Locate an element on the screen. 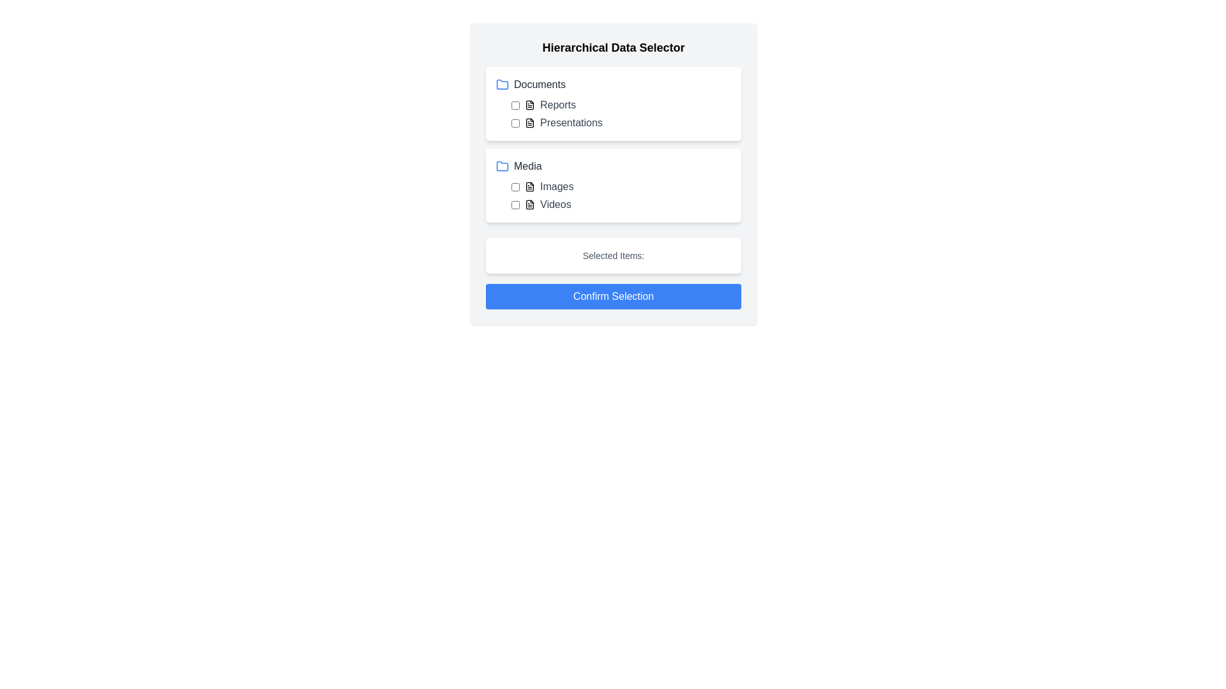 The width and height of the screenshot is (1226, 689). the 'Media' text label which represents a category in the hierarchical data selector, located below the 'Documents' section is located at coordinates (527, 166).